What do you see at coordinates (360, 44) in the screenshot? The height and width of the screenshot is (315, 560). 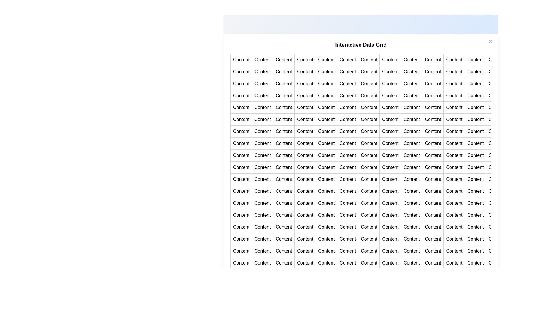 I see `the title text area to inspect its content` at bounding box center [360, 44].